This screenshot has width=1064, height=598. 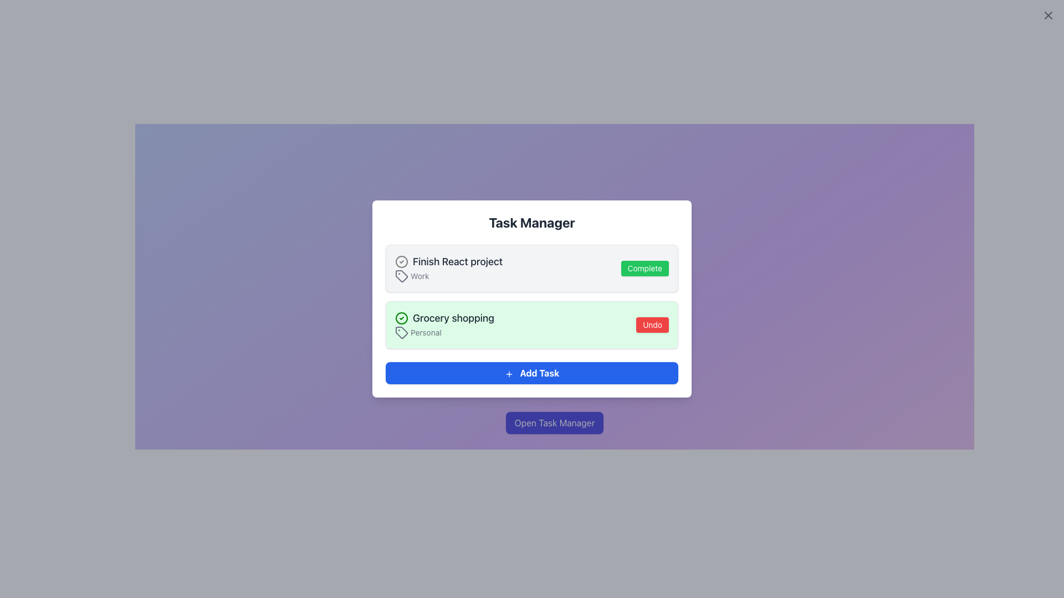 What do you see at coordinates (444, 324) in the screenshot?
I see `text displayed in the task description label labeled 'Grocery shopping' with the associated tag 'Personal' within the task manager` at bounding box center [444, 324].